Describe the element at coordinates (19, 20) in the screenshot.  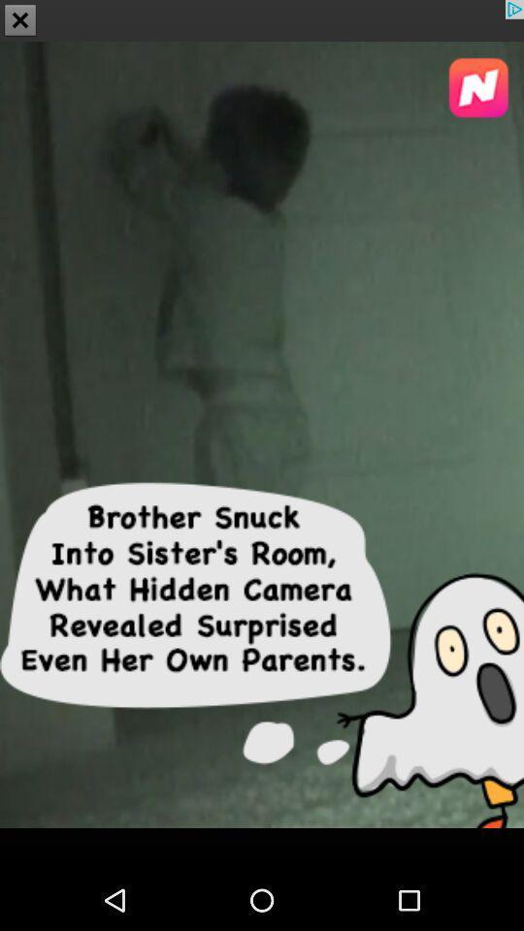
I see `the close icon` at that location.